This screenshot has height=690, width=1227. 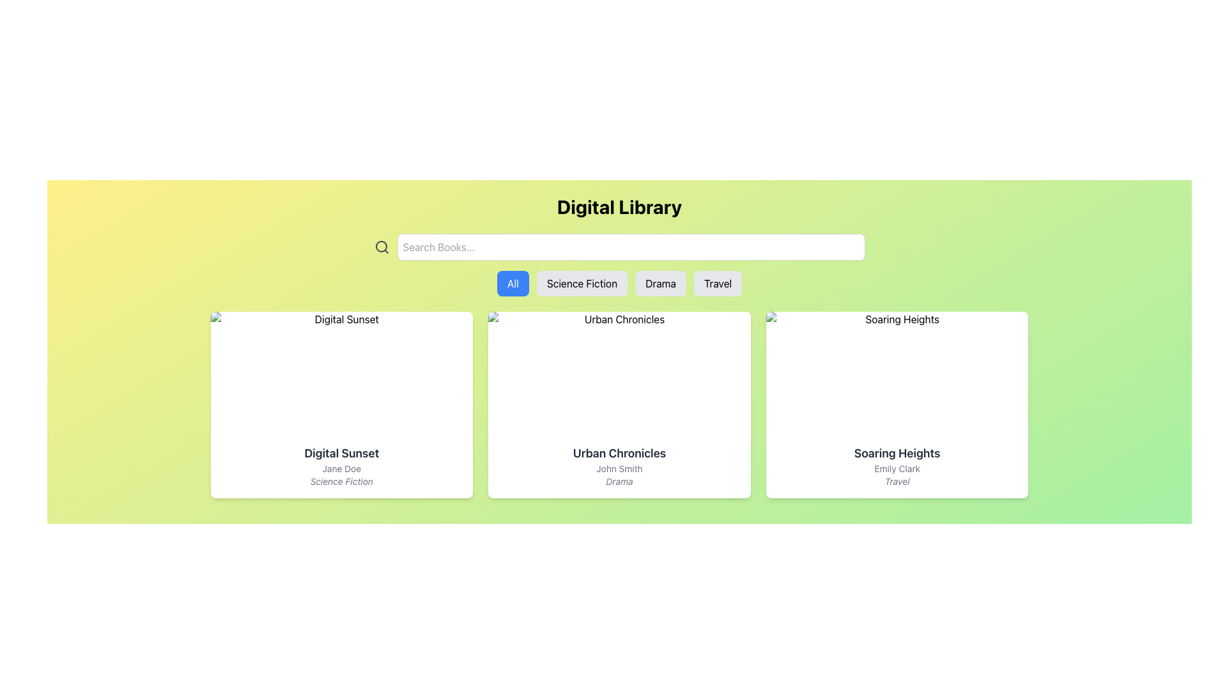 What do you see at coordinates (897, 404) in the screenshot?
I see `the third card in the digital library that represents a book or item, located to the far right in the row, adjacent to the card titled 'Urban Chronicles'` at bounding box center [897, 404].